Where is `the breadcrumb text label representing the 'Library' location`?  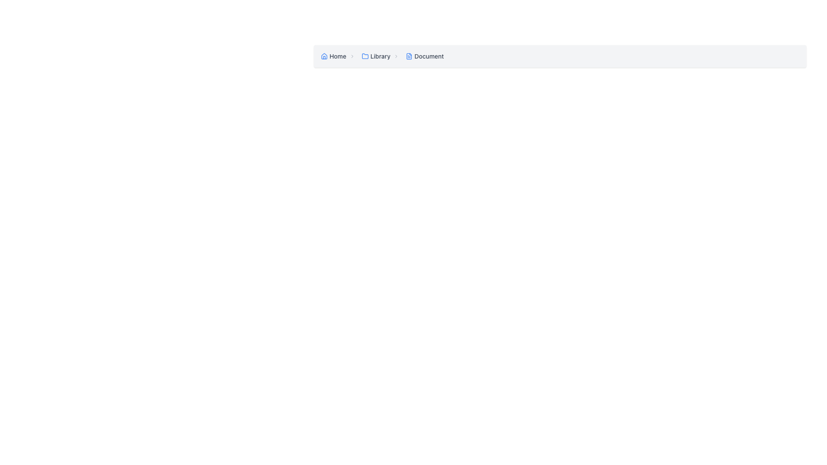 the breadcrumb text label representing the 'Library' location is located at coordinates (380, 56).